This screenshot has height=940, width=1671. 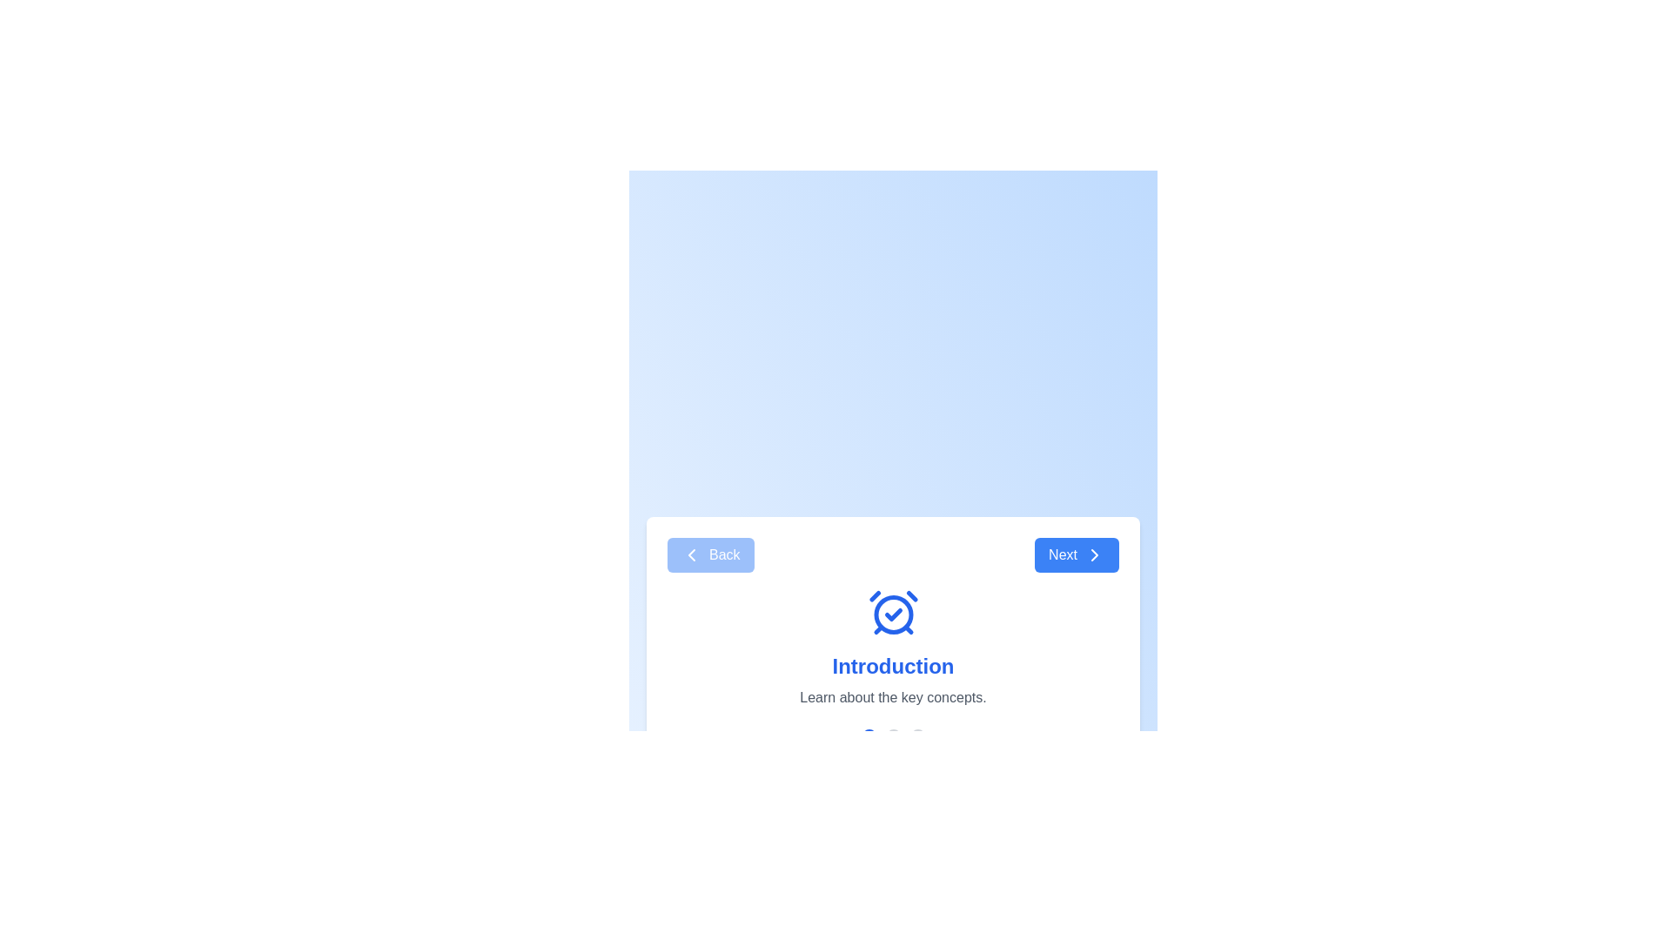 I want to click on the step indicator for step 1, so click(x=869, y=735).